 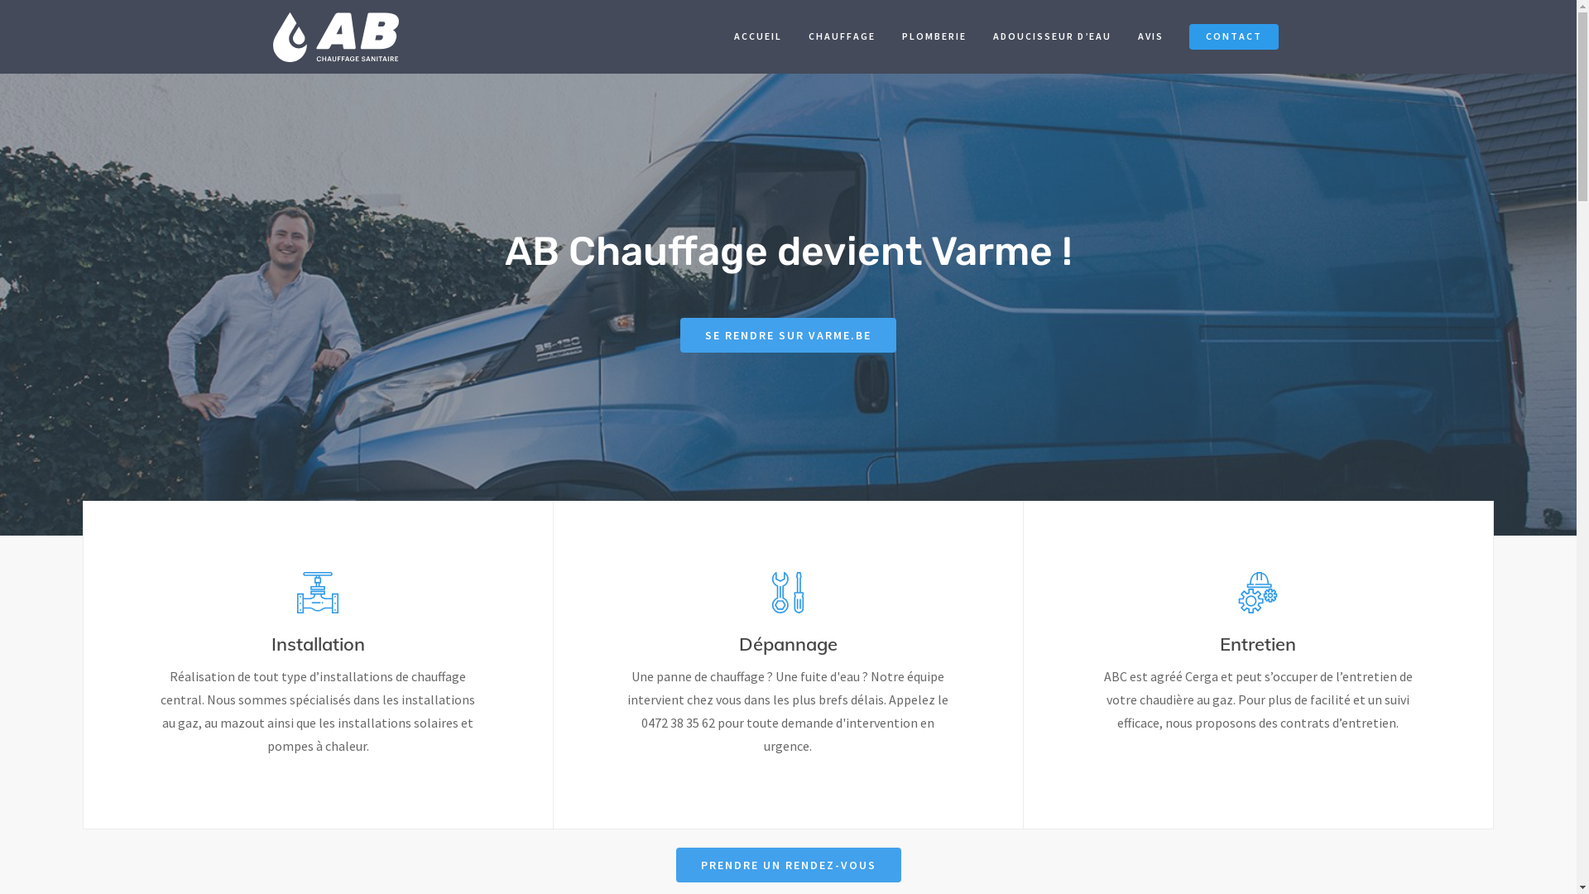 I want to click on 'CONTACT', so click(x=1234, y=41).